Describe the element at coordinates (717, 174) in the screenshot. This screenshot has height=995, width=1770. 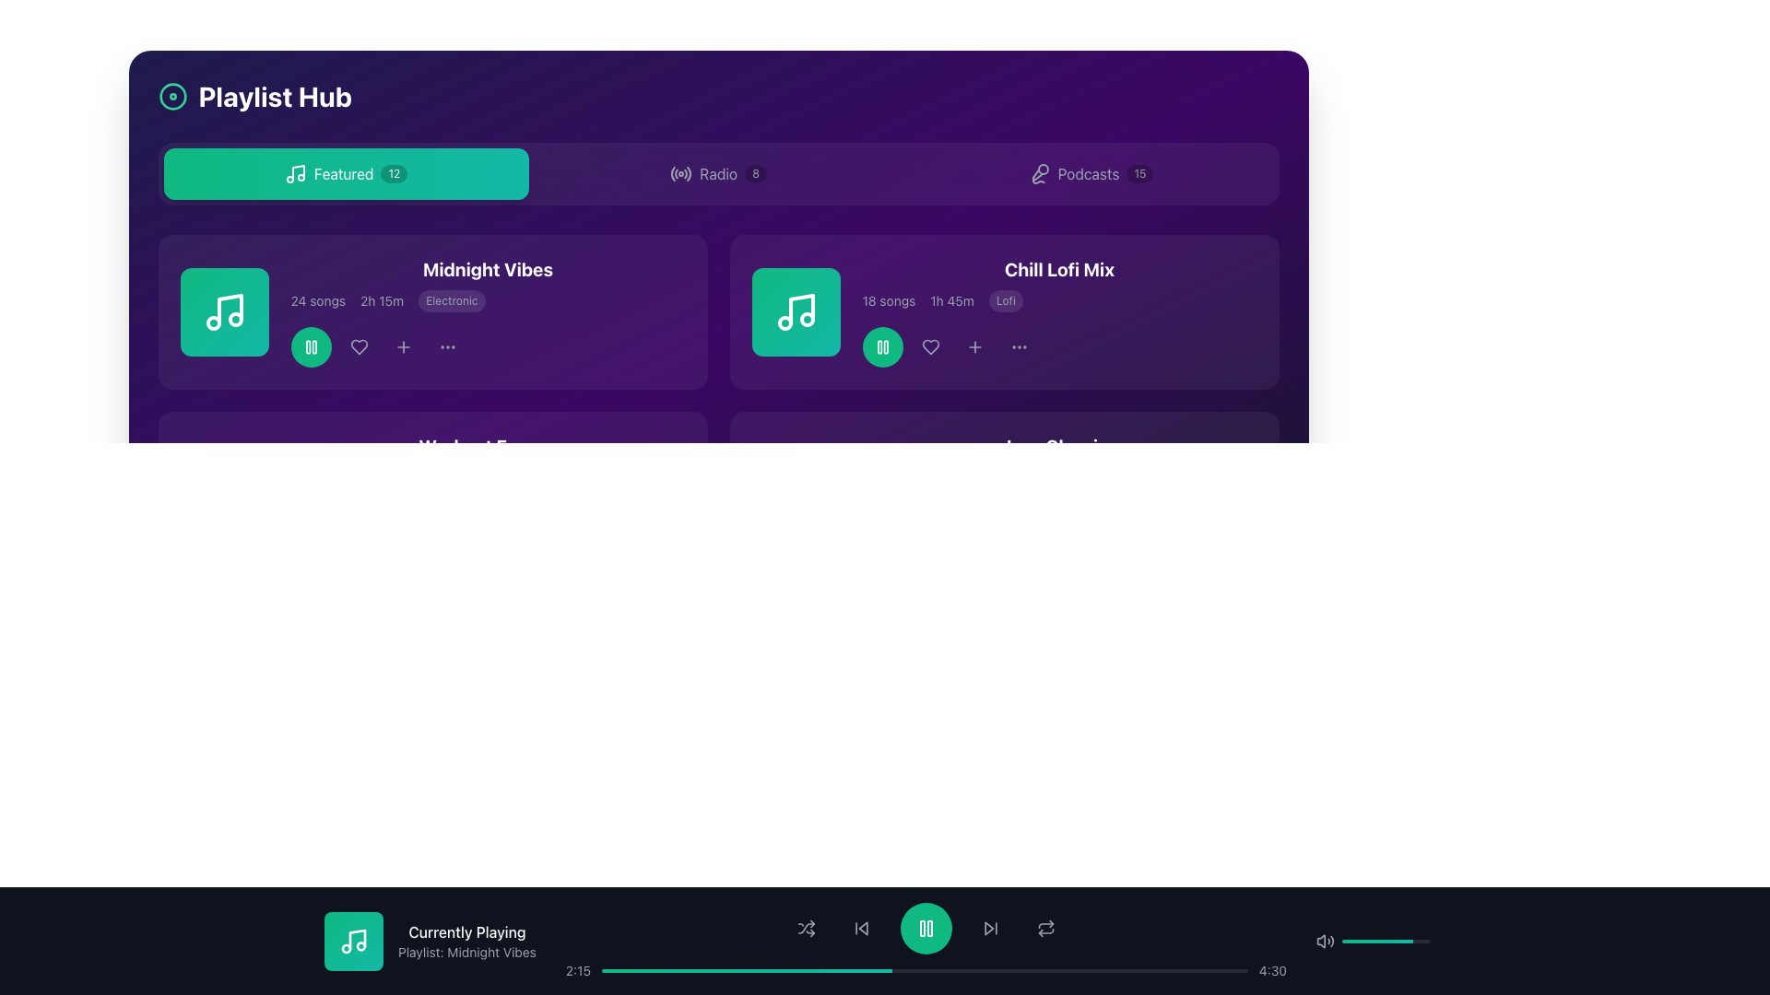
I see `the label that identifies the section dedicated to radio-related features, located to the right of the radio signal icon and to the left of the badge displaying '8'` at that location.